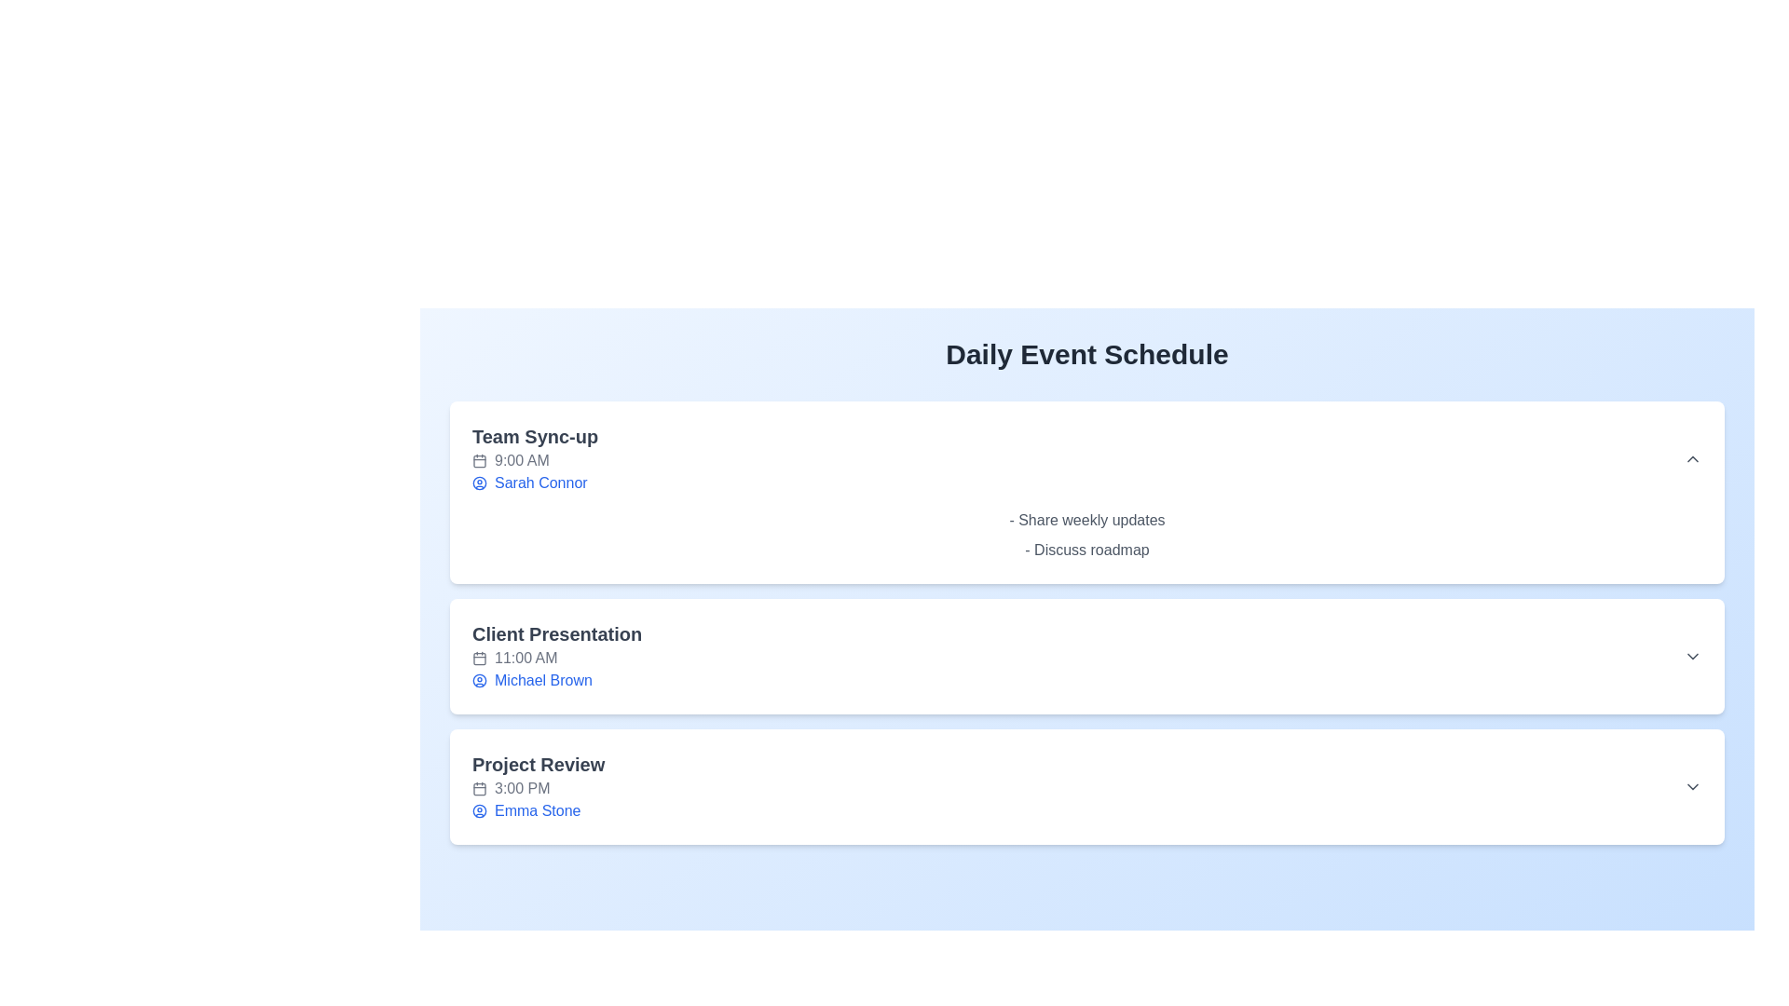 The image size is (1789, 1006). What do you see at coordinates (1086, 656) in the screenshot?
I see `the ListItem representing a scheduled event about a client presentation` at bounding box center [1086, 656].